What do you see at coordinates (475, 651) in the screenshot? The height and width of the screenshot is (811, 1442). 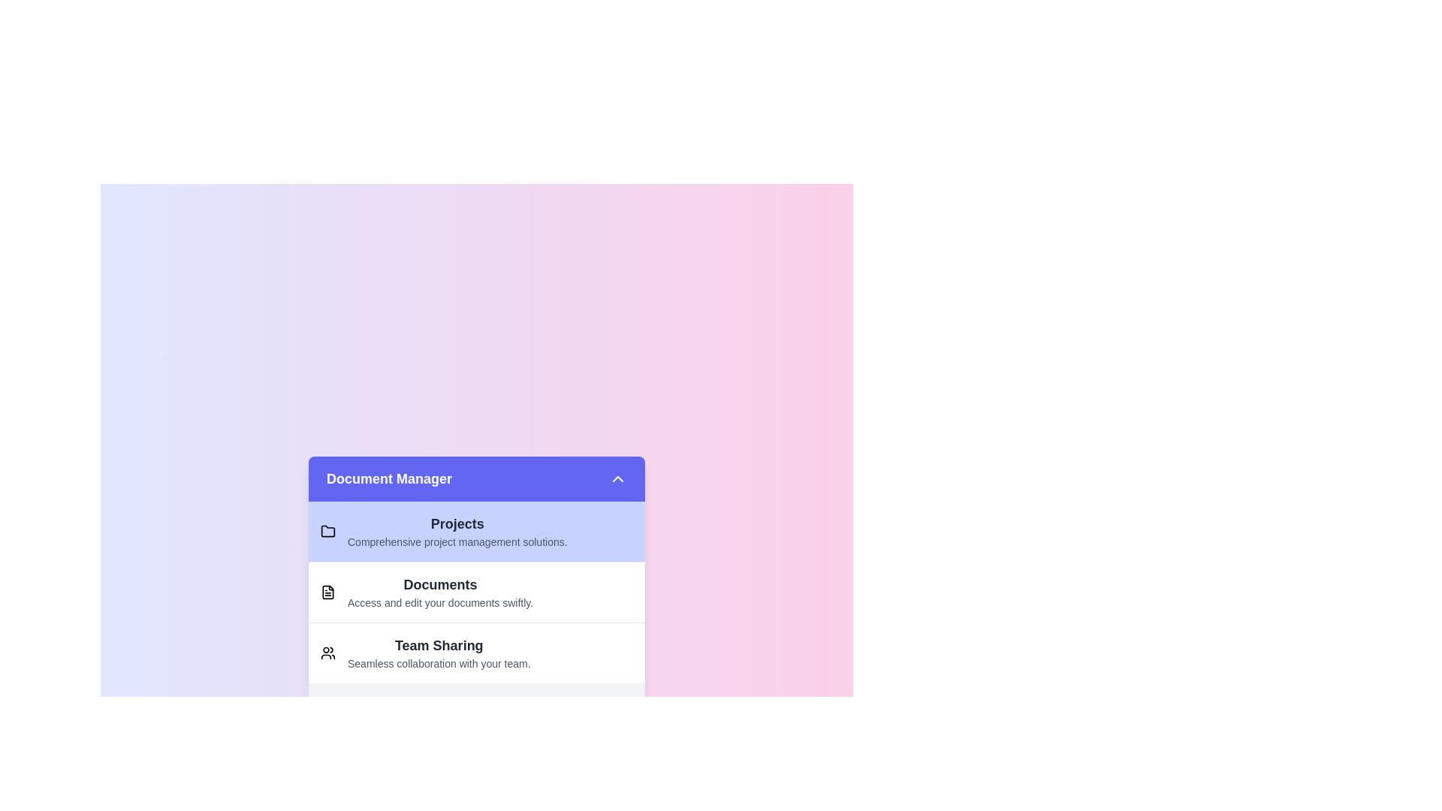 I see `the item Team Sharing in the list to select it` at bounding box center [475, 651].